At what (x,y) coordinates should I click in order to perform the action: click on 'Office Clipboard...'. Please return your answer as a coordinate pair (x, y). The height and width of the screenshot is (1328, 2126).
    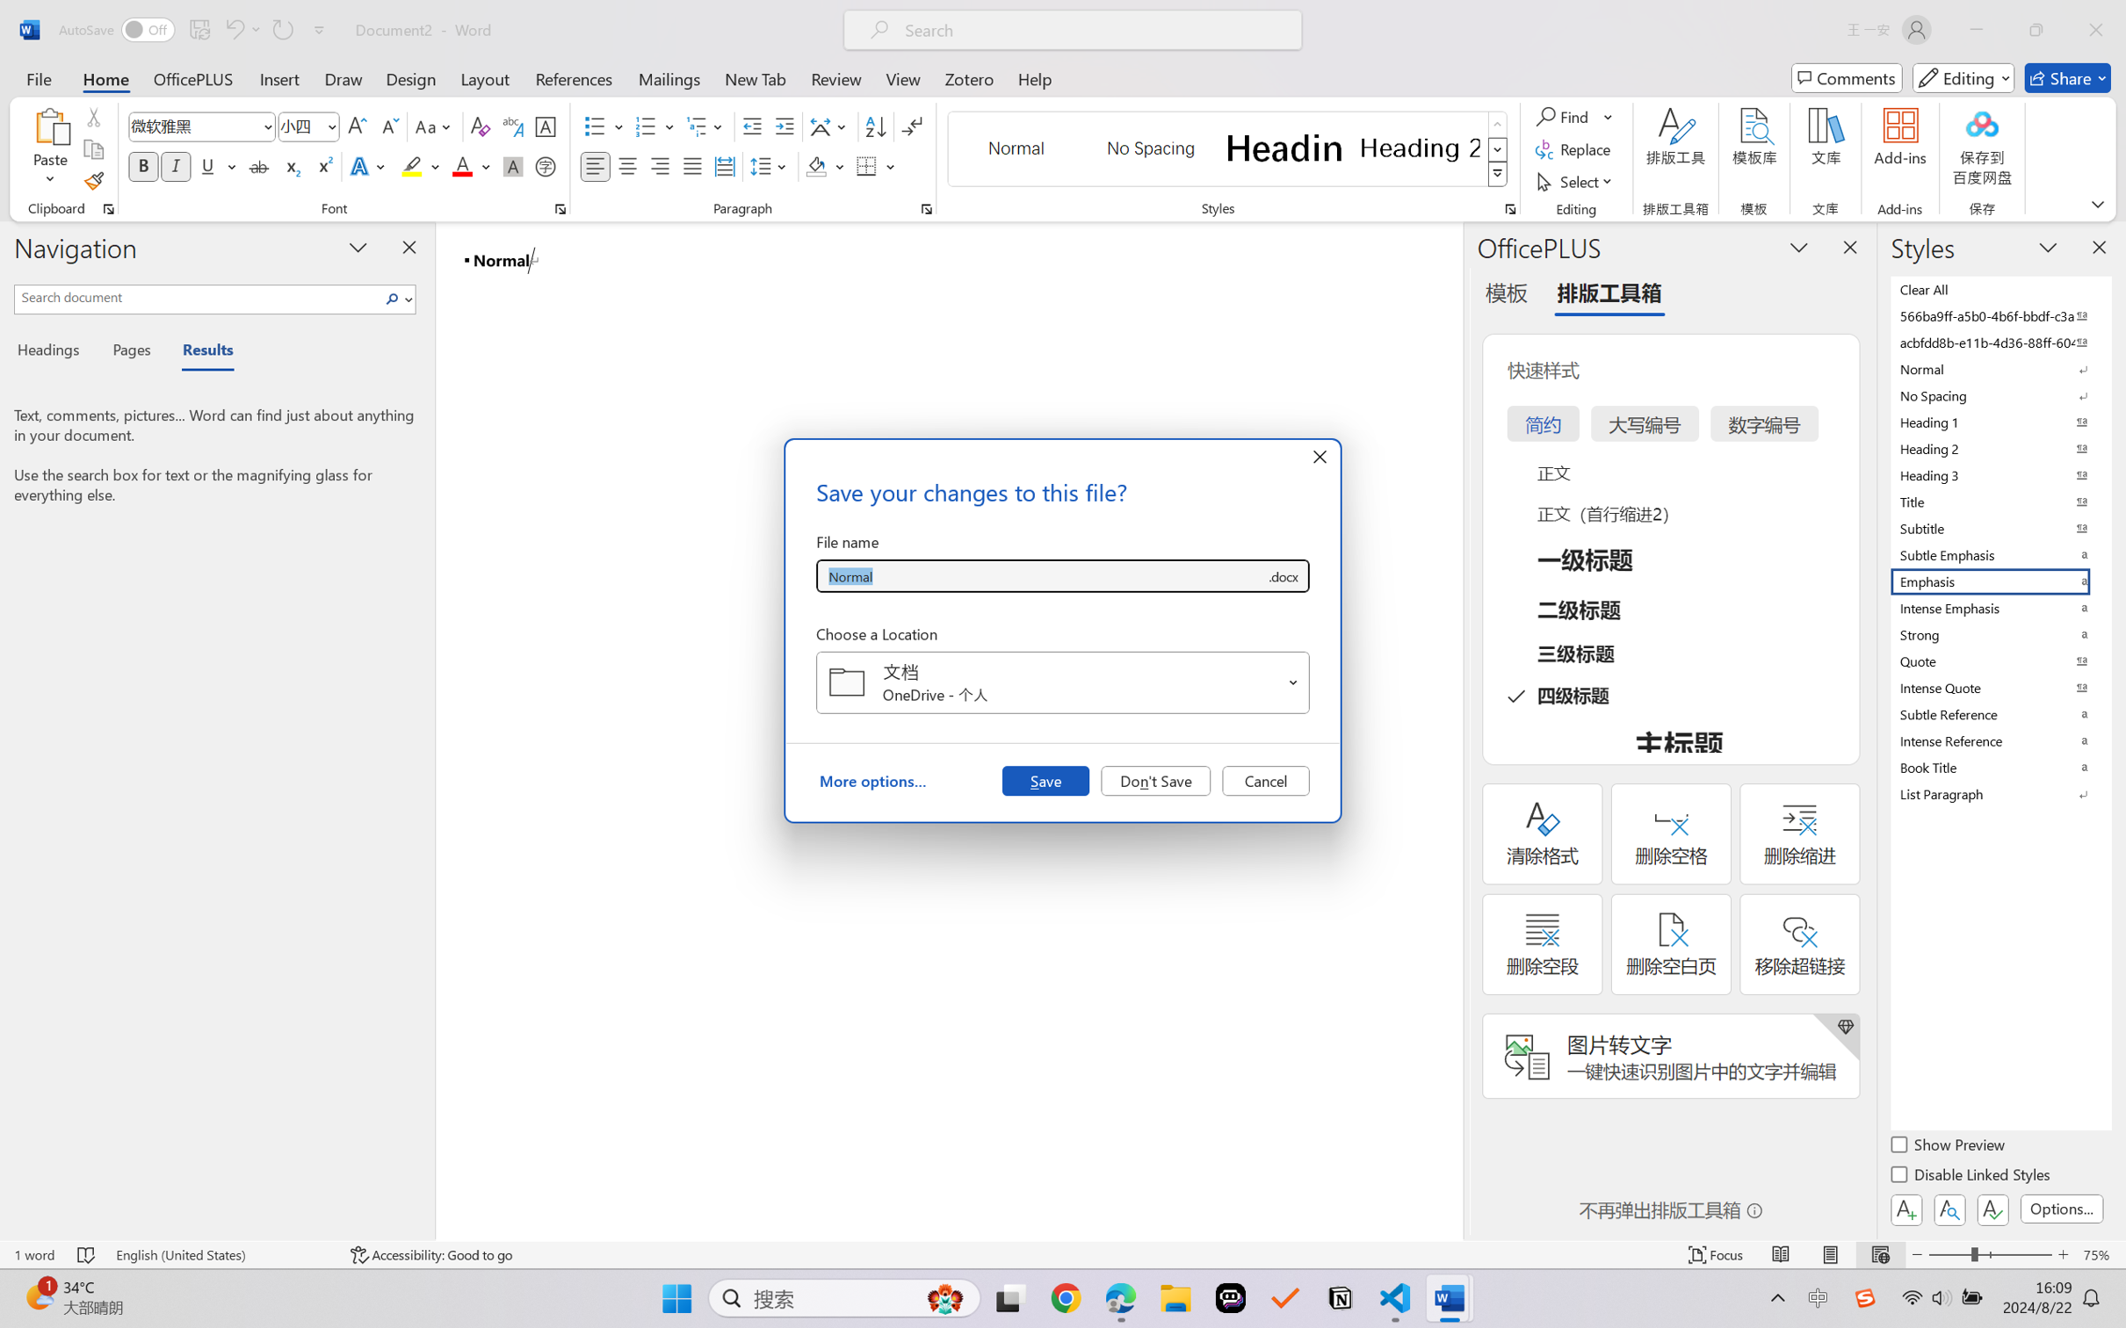
    Looking at the image, I should click on (107, 208).